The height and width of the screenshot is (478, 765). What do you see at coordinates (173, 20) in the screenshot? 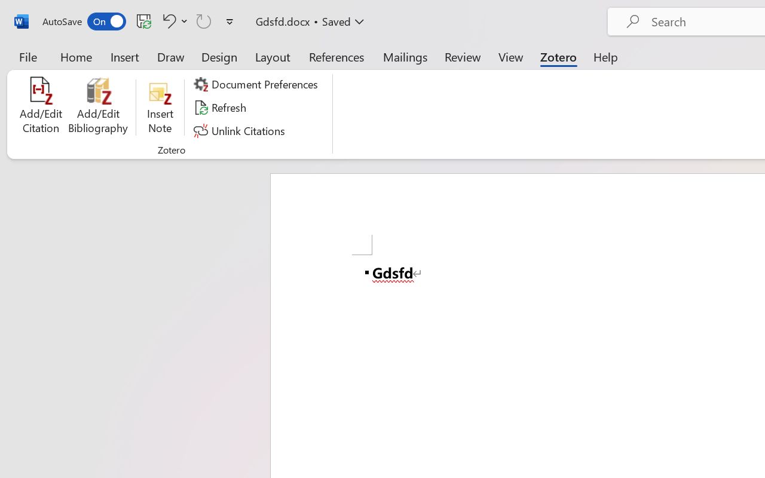
I see `'Undo <ApplyStyleToDoc>b__0'` at bounding box center [173, 20].